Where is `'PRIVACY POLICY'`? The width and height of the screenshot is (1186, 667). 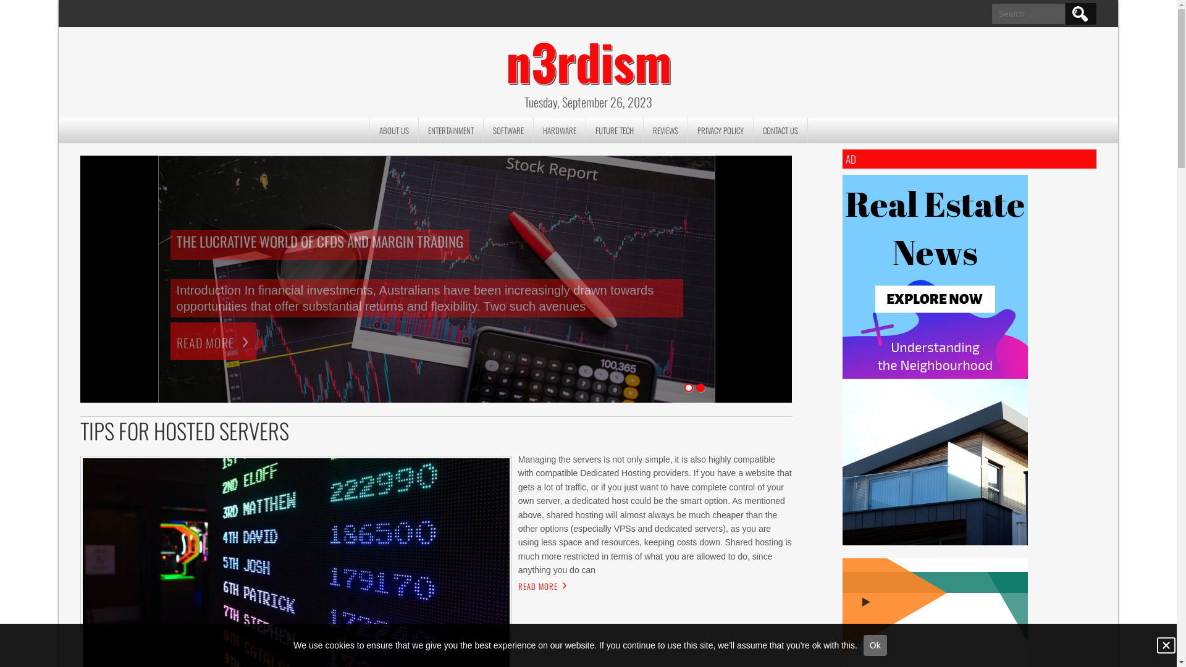
'PRIVACY POLICY' is located at coordinates (720, 130).